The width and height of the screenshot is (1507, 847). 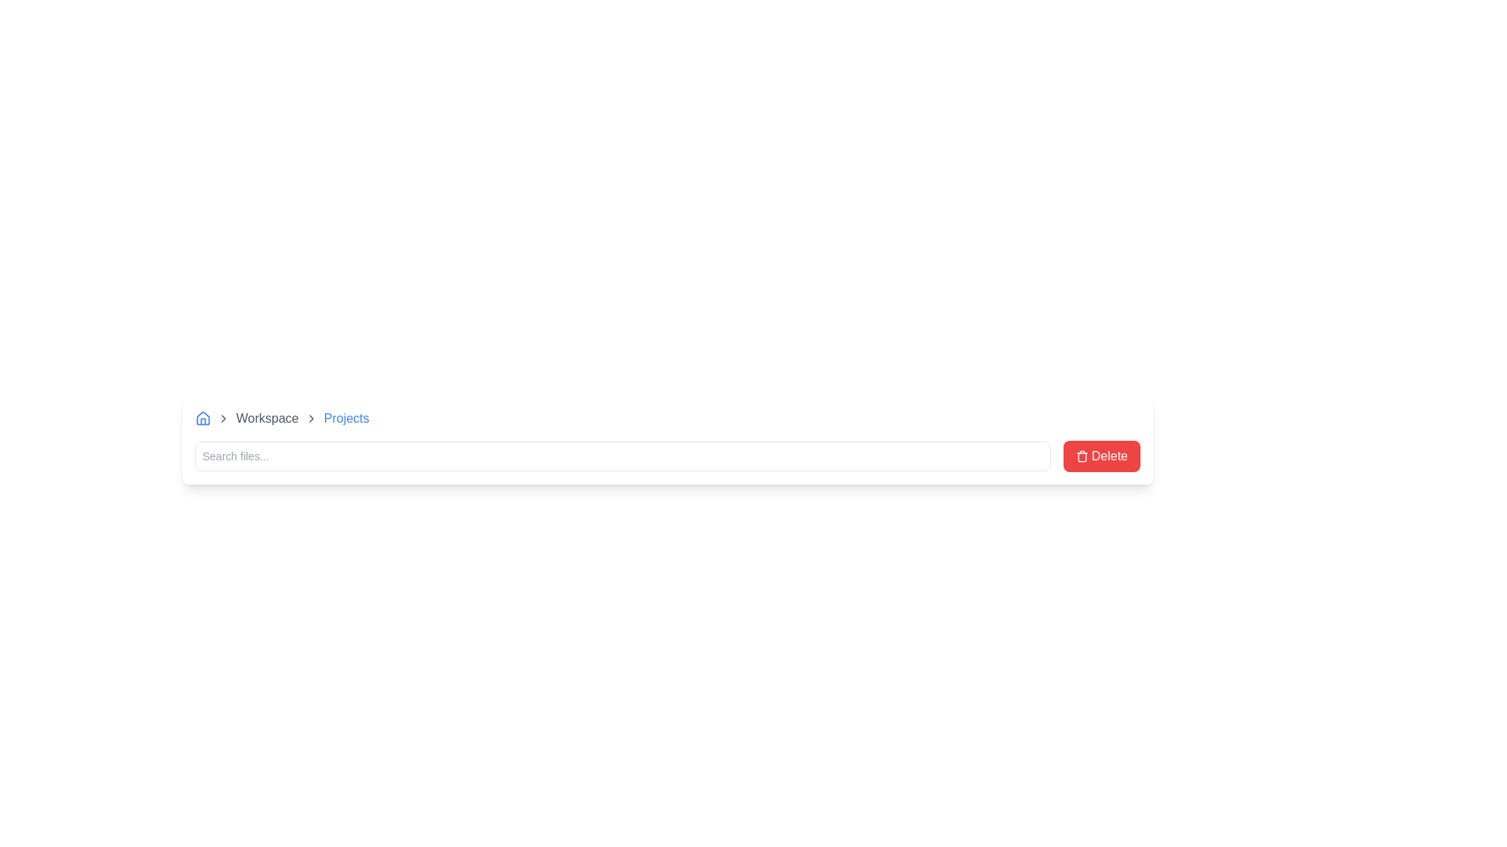 What do you see at coordinates (1081, 456) in the screenshot?
I see `the trash can icon within the red 'Delete' button located at the far right of the interface` at bounding box center [1081, 456].